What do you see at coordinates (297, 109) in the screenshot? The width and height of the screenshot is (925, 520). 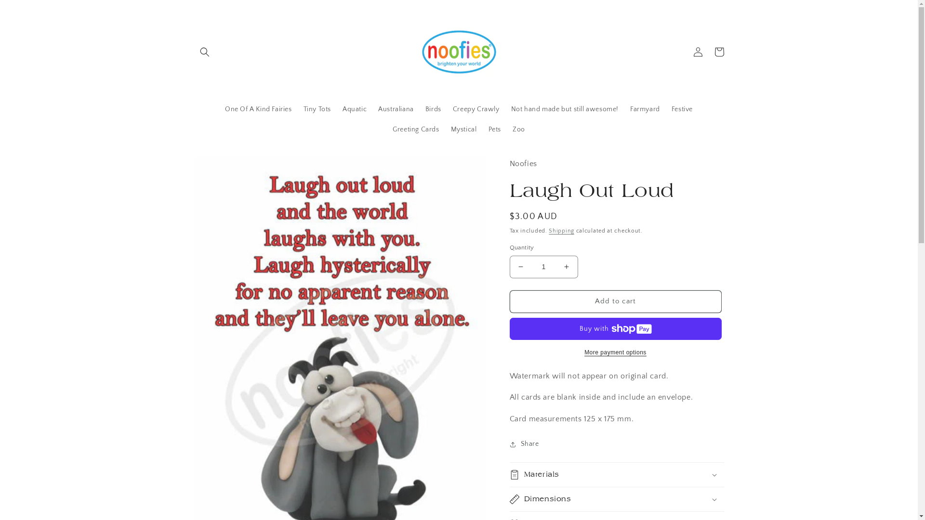 I see `'Tiny Tots'` at bounding box center [297, 109].